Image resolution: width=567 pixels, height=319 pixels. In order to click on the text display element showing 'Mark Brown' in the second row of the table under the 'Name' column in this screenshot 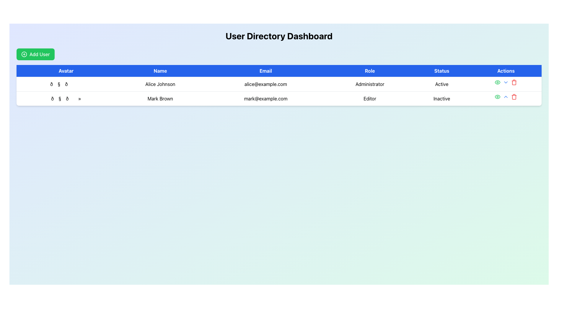, I will do `click(160, 98)`.